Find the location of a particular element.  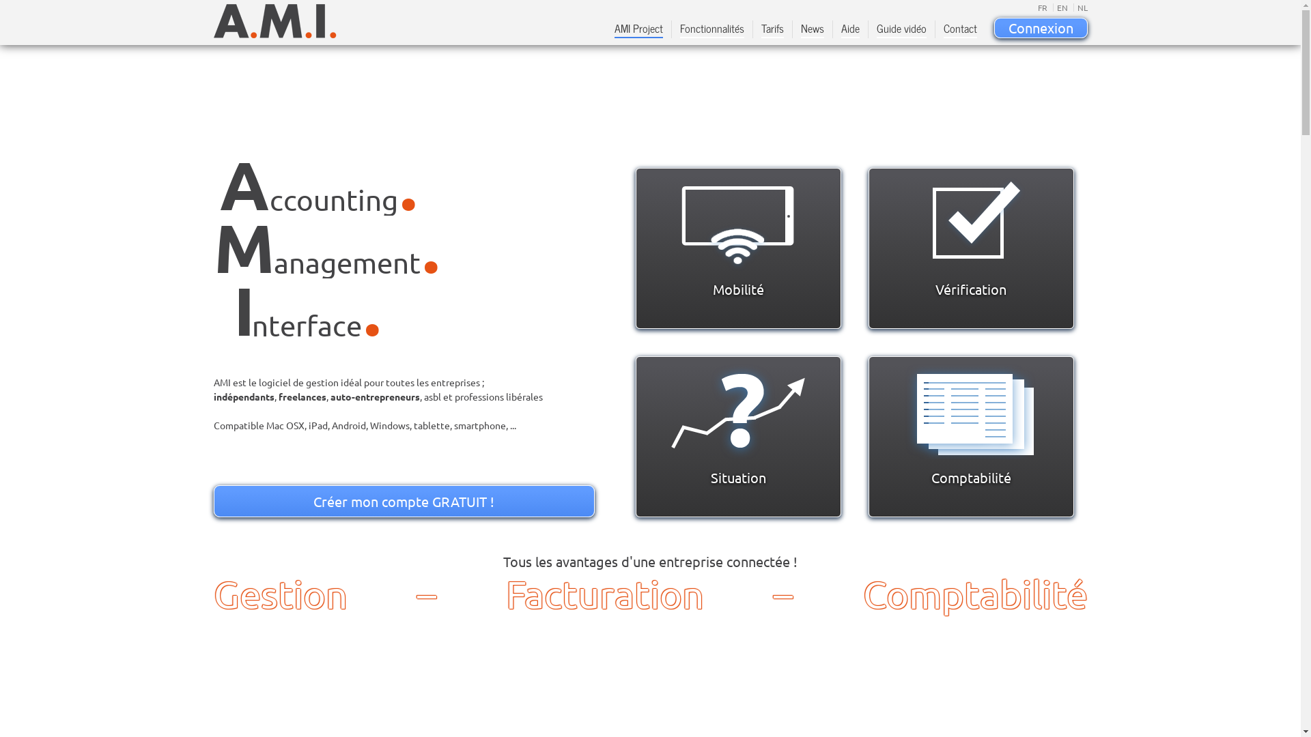

'AMI logo - Accounting Management Interface' is located at coordinates (274, 20).